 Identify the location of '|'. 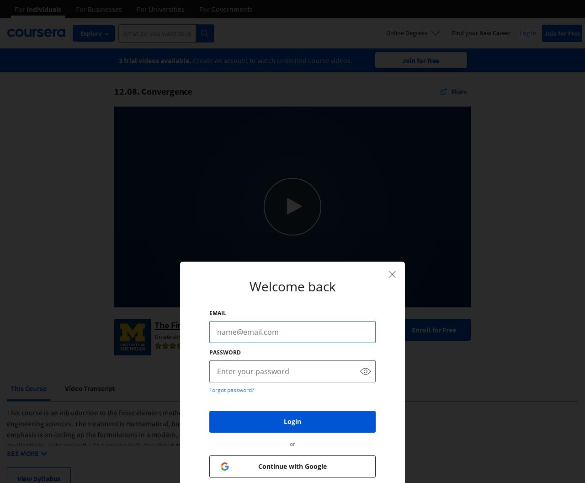
(237, 346).